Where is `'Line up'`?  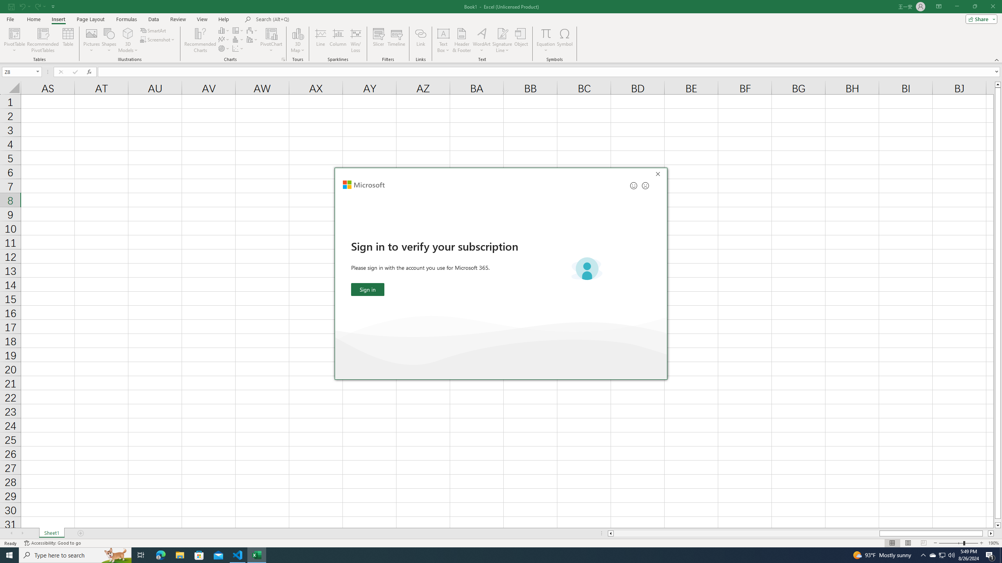 'Line up' is located at coordinates (997, 84).